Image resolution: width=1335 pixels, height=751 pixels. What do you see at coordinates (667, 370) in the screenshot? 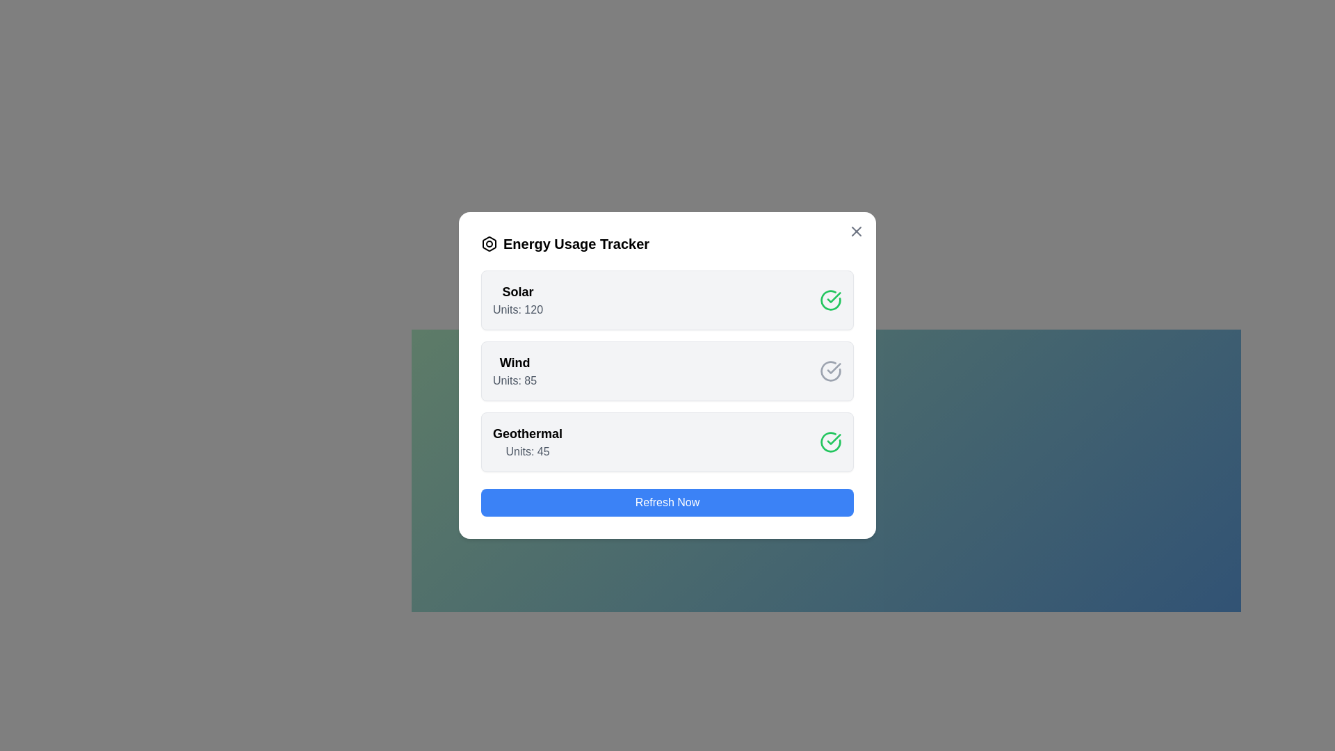
I see `the second informational card representing 'Wind' energy usage data in the 'Energy Usage Tracker' section` at bounding box center [667, 370].